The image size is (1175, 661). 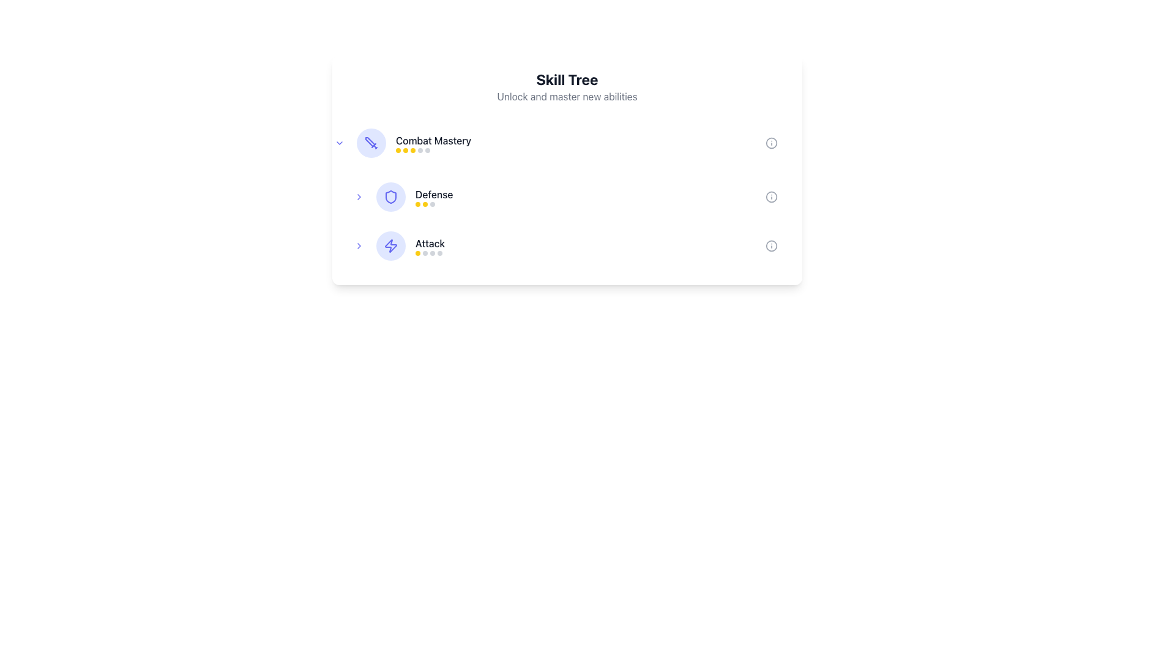 What do you see at coordinates (340, 143) in the screenshot?
I see `the Toggle button, which is a small circular button with an embedded downward-facing chevron icon, located to the left of the 'Combat Mastery' text label` at bounding box center [340, 143].